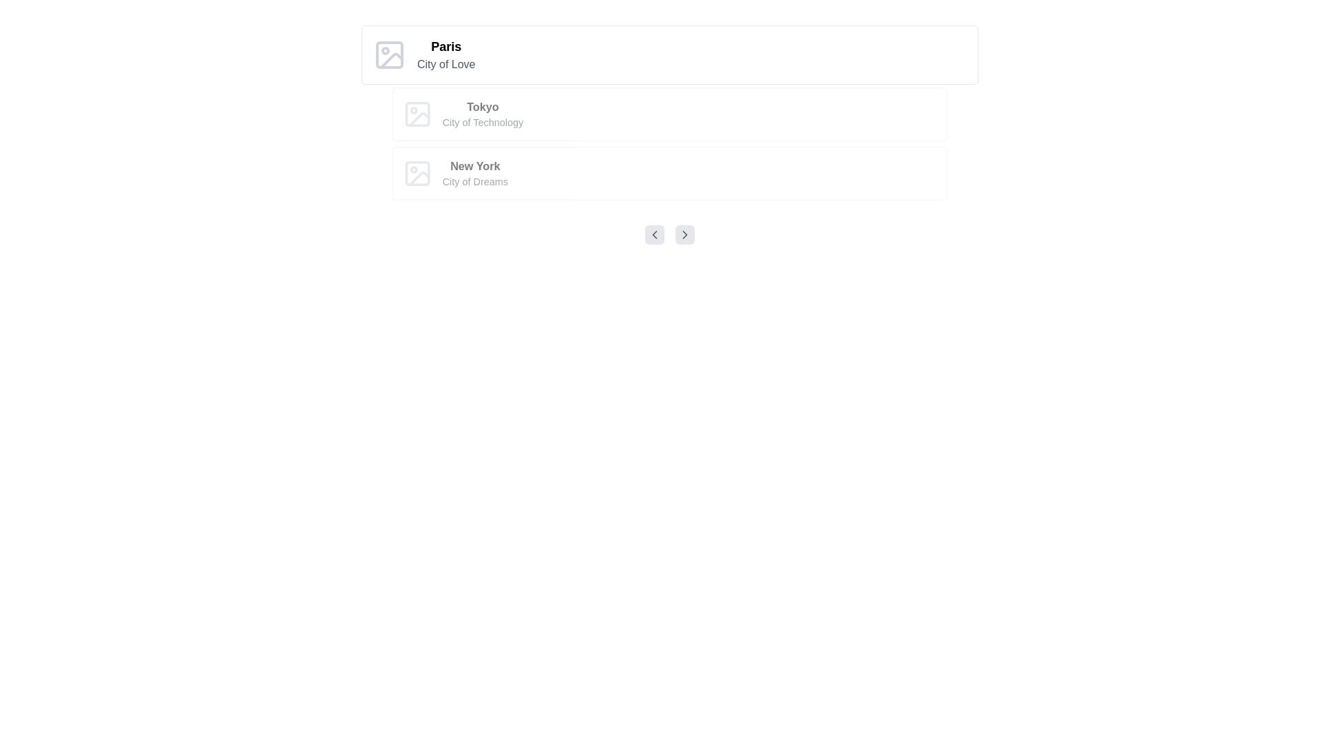 This screenshot has width=1322, height=744. Describe the element at coordinates (389, 54) in the screenshot. I see `the decorative rectangle element within the SVG format that represents the image placeholder for 'Paris - City of Love'` at that location.